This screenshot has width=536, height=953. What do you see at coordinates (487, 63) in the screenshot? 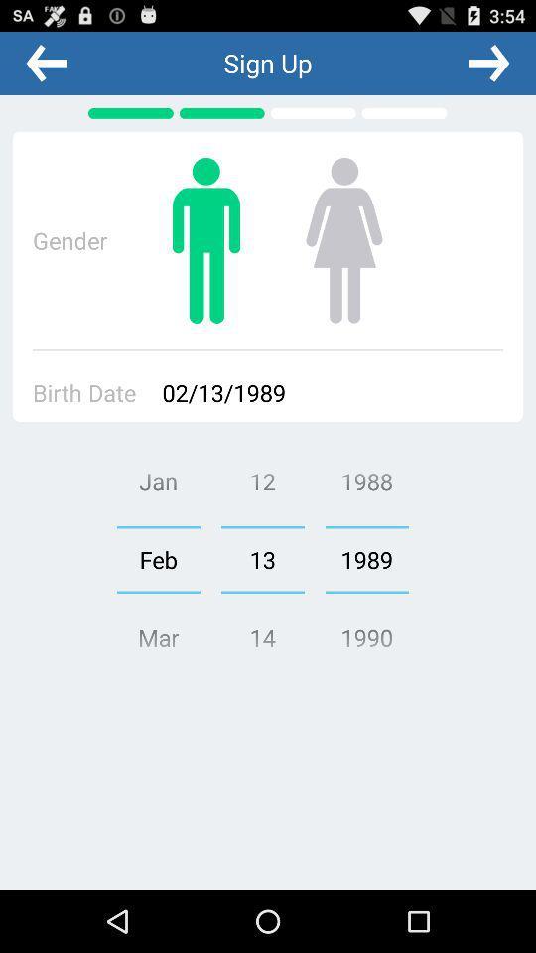
I see `go forward` at bounding box center [487, 63].